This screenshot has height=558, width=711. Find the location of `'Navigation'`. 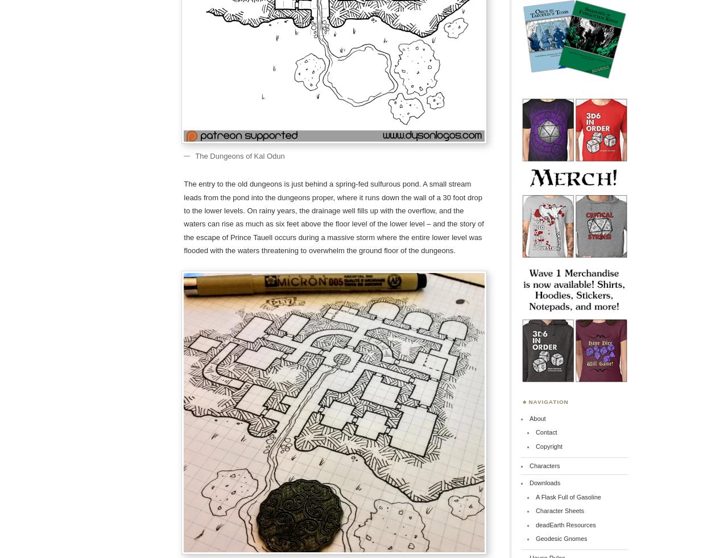

'Navigation' is located at coordinates (548, 401).